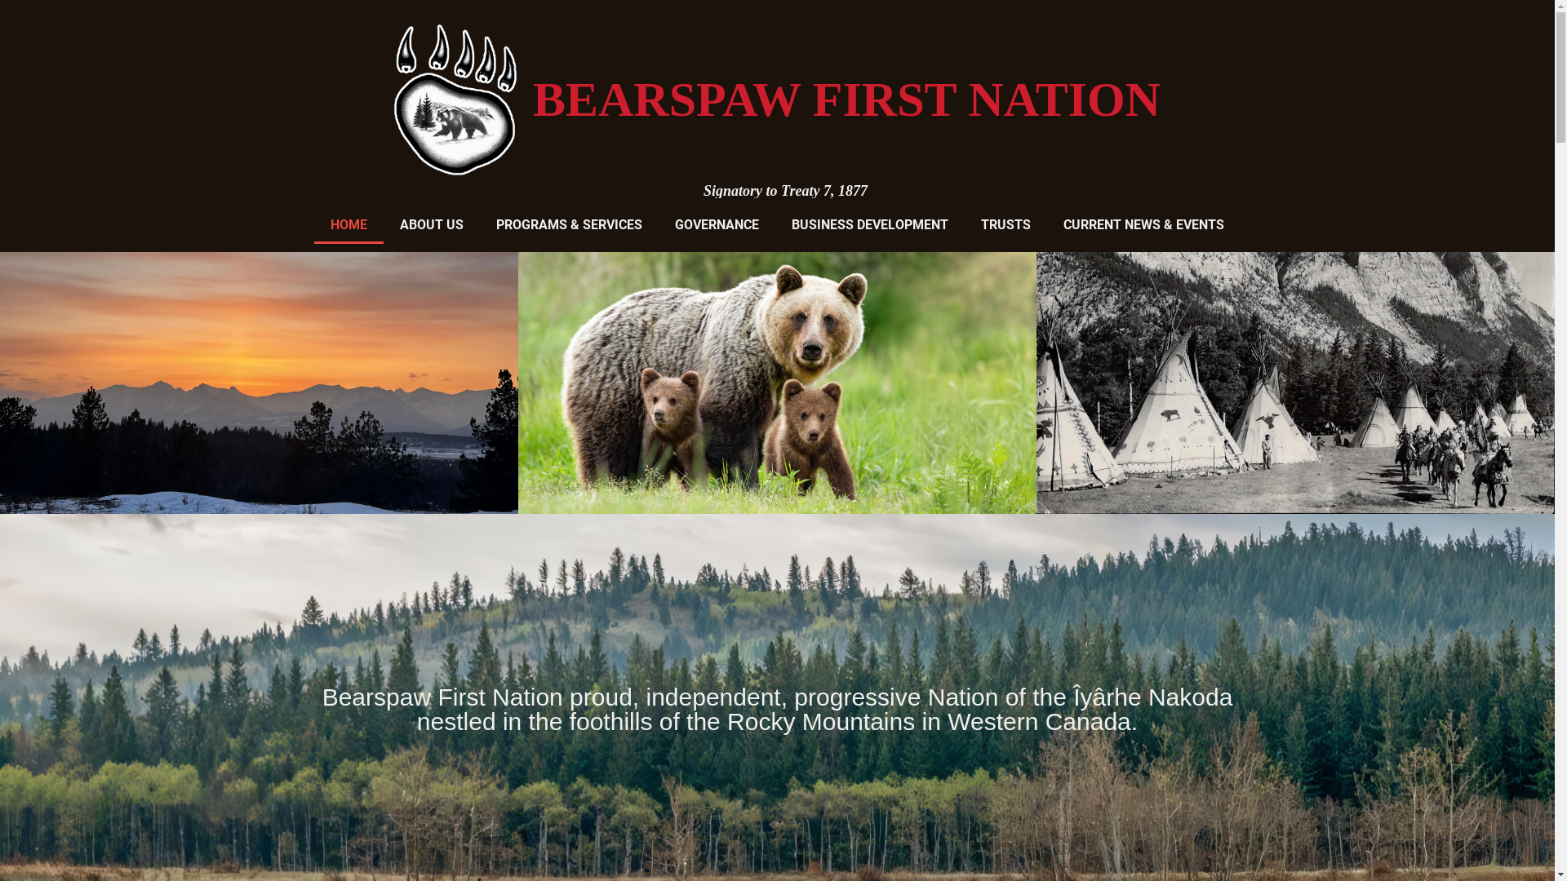 The image size is (1567, 881). I want to click on 'CURRENT NEWS & EVENTS', so click(1143, 225).